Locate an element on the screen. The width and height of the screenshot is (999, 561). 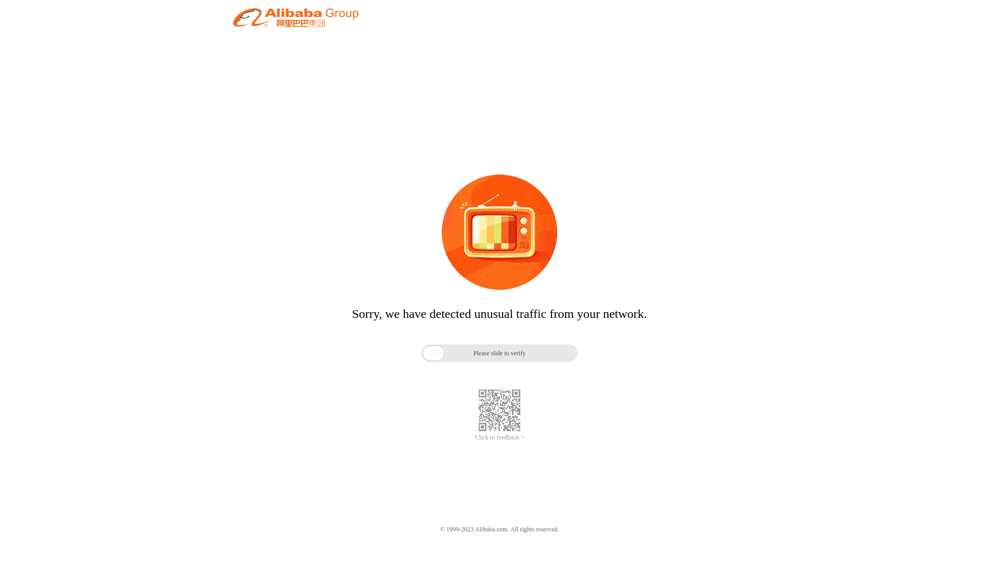
'Click to feedback >' is located at coordinates (474, 437).